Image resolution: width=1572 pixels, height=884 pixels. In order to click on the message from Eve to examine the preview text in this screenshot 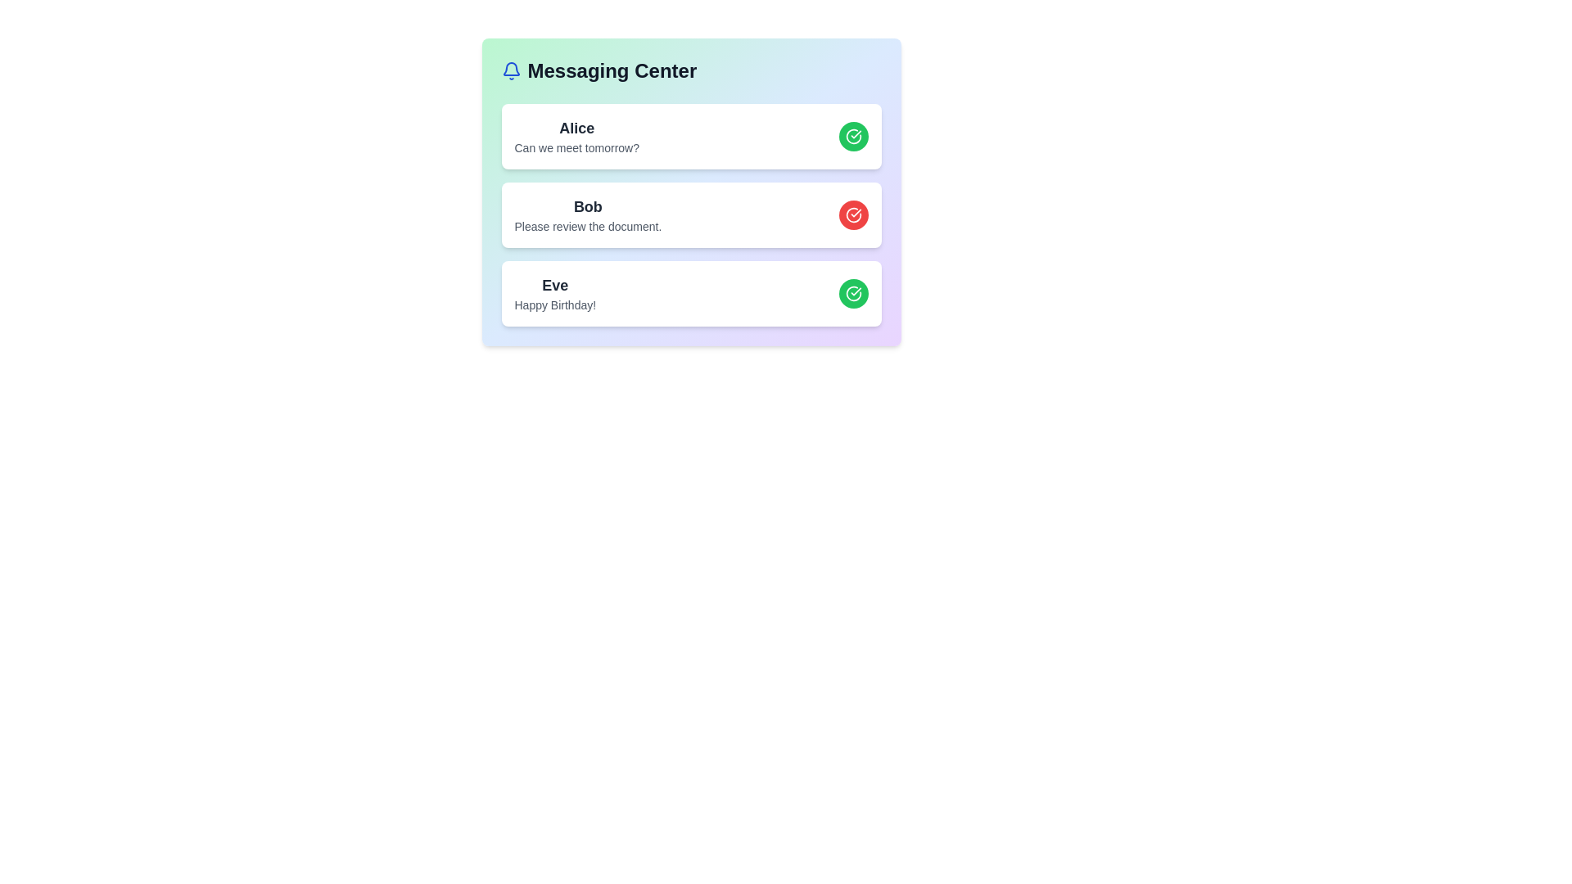, I will do `click(555, 284)`.